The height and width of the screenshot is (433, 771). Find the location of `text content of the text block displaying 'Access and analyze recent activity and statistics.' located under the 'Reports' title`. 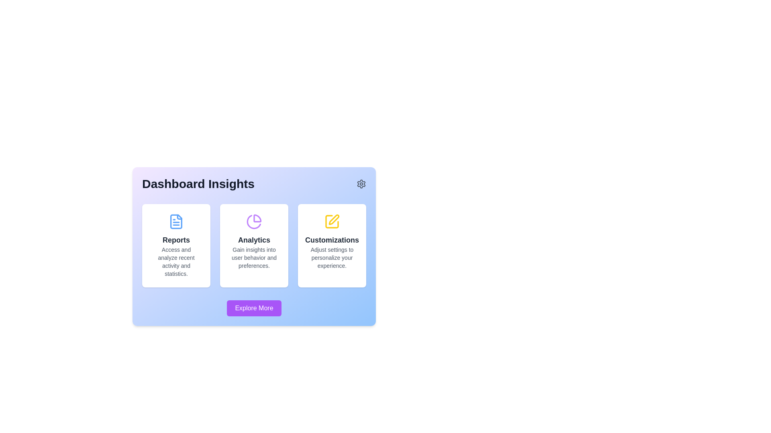

text content of the text block displaying 'Access and analyze recent activity and statistics.' located under the 'Reports' title is located at coordinates (175, 261).